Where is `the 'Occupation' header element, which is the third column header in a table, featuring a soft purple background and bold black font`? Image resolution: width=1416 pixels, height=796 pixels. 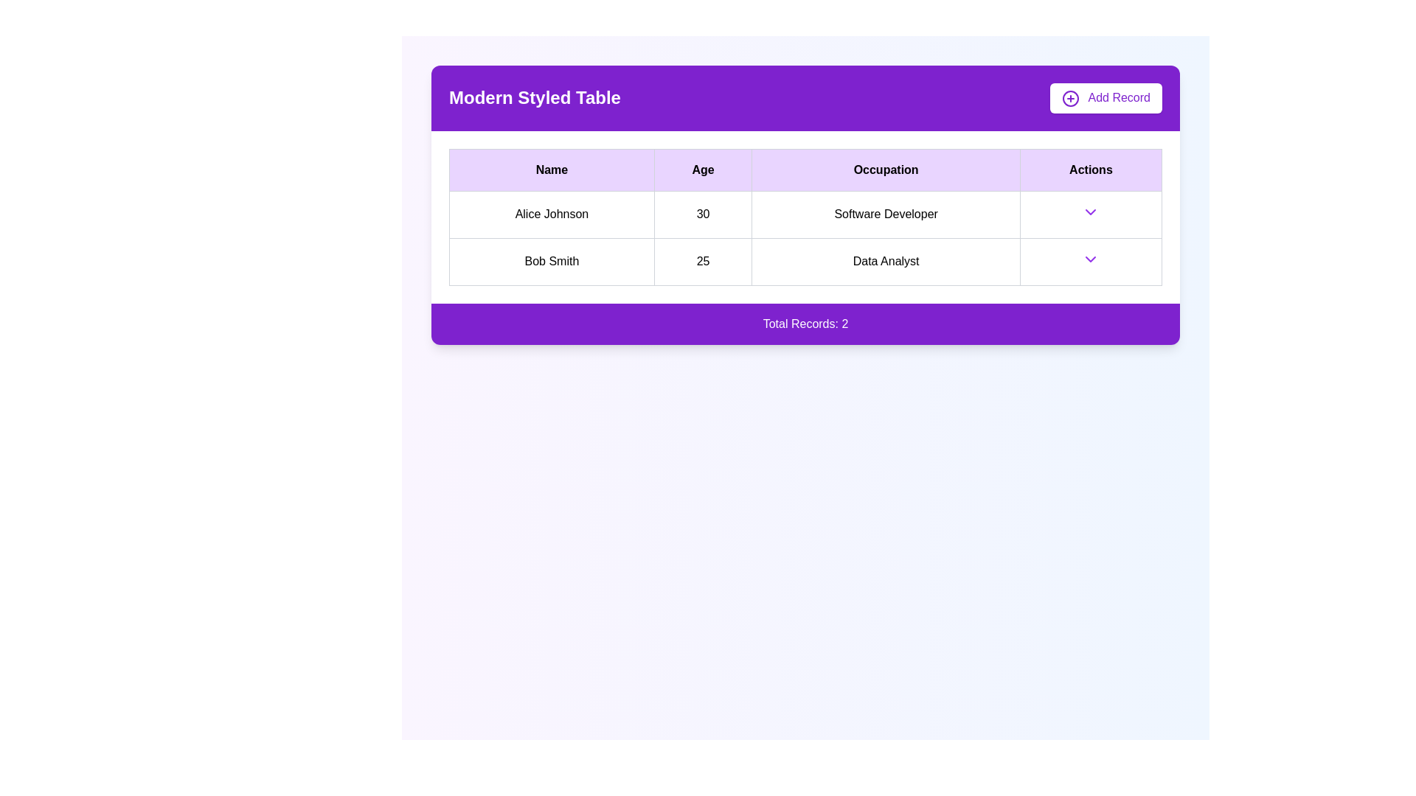 the 'Occupation' header element, which is the third column header in a table, featuring a soft purple background and bold black font is located at coordinates (885, 169).